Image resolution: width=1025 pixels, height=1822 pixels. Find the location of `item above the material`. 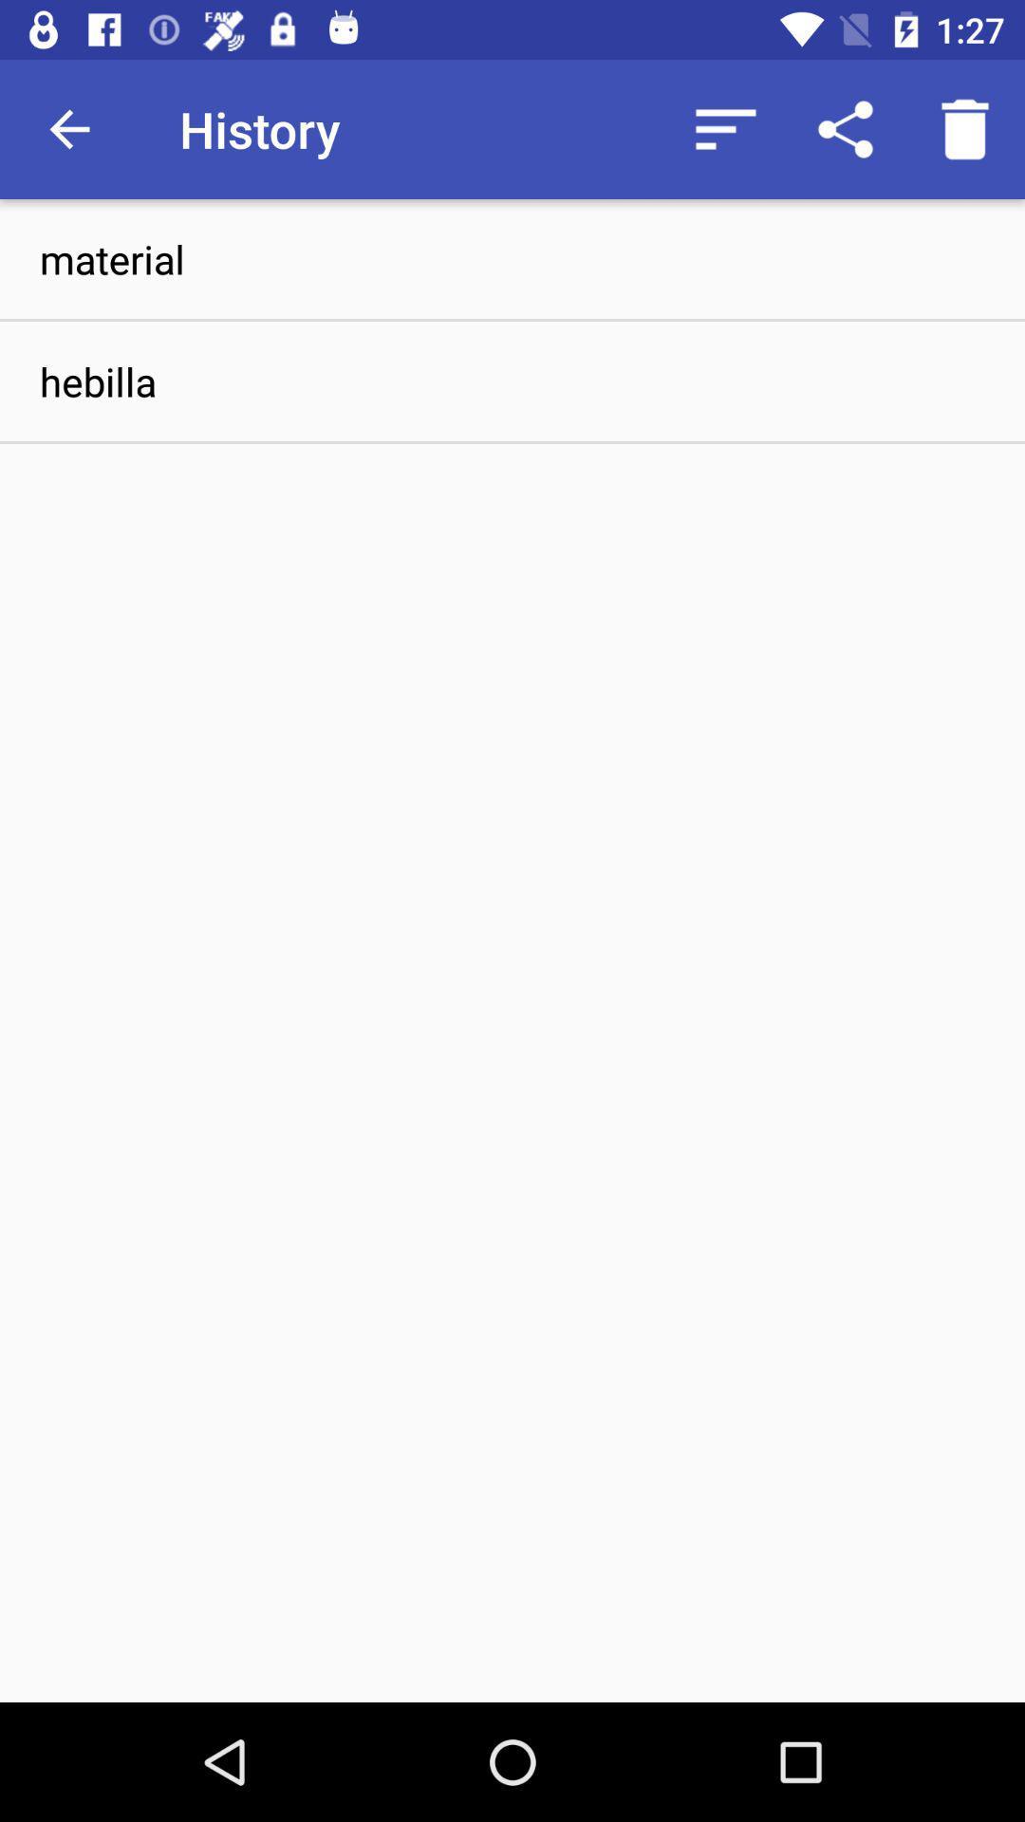

item above the material is located at coordinates (965, 128).